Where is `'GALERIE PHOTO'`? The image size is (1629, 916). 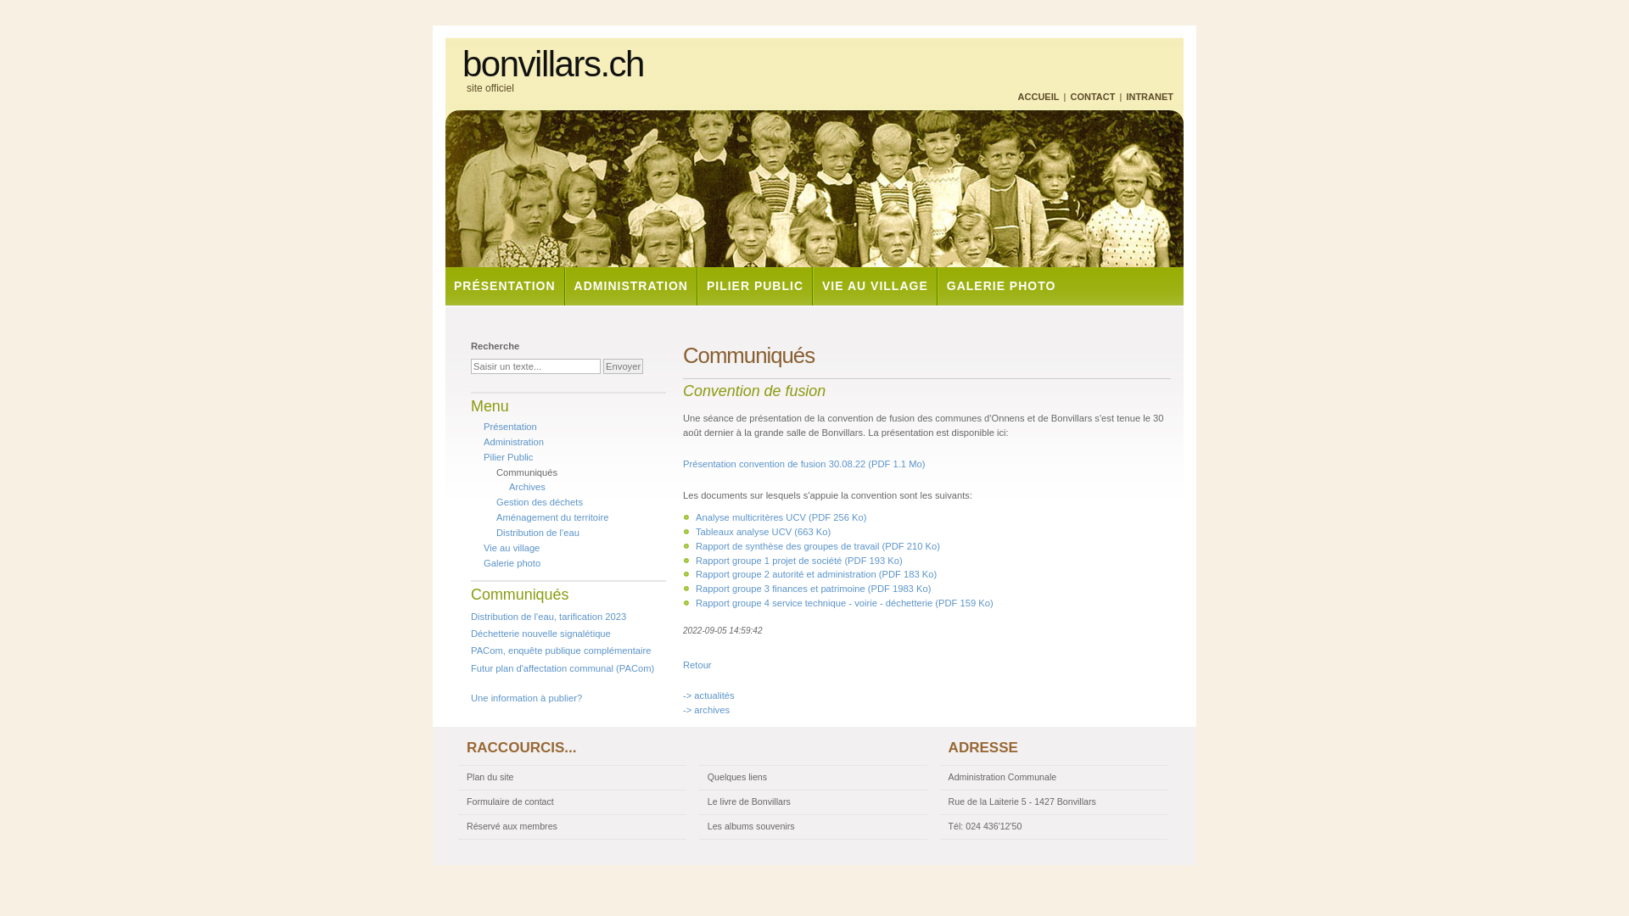 'GALERIE PHOTO' is located at coordinates (1000, 285).